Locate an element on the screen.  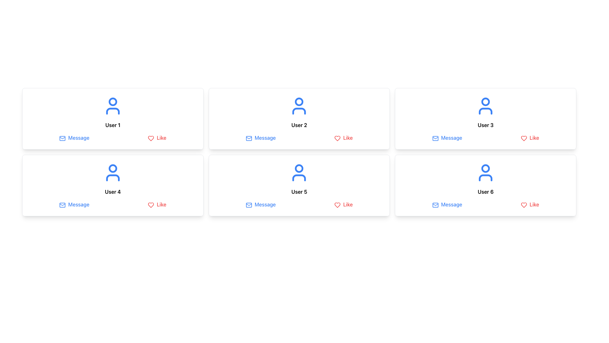
the Decorative Graphic (Circle) that visually represents part of the user avatar for 'User 1', located at the center of the avatar graphic is located at coordinates (113, 101).